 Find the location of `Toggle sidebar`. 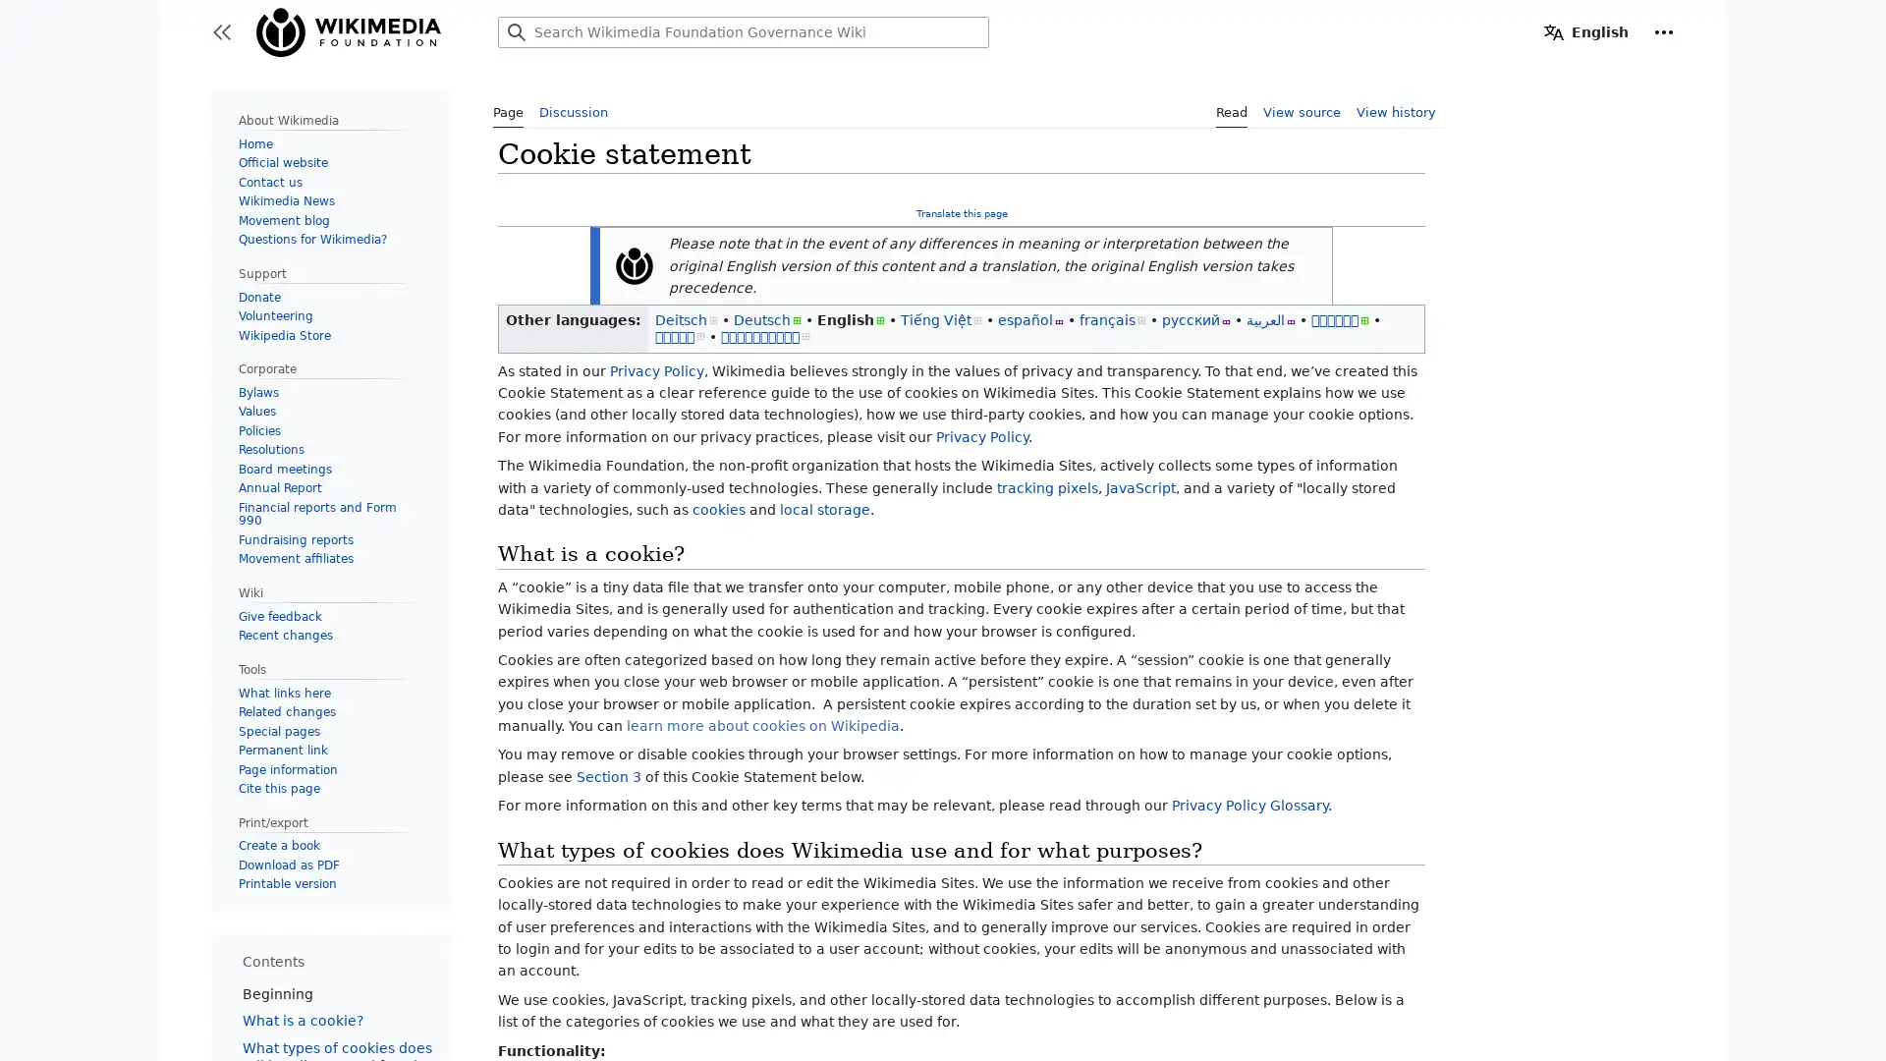

Toggle sidebar is located at coordinates (221, 32).